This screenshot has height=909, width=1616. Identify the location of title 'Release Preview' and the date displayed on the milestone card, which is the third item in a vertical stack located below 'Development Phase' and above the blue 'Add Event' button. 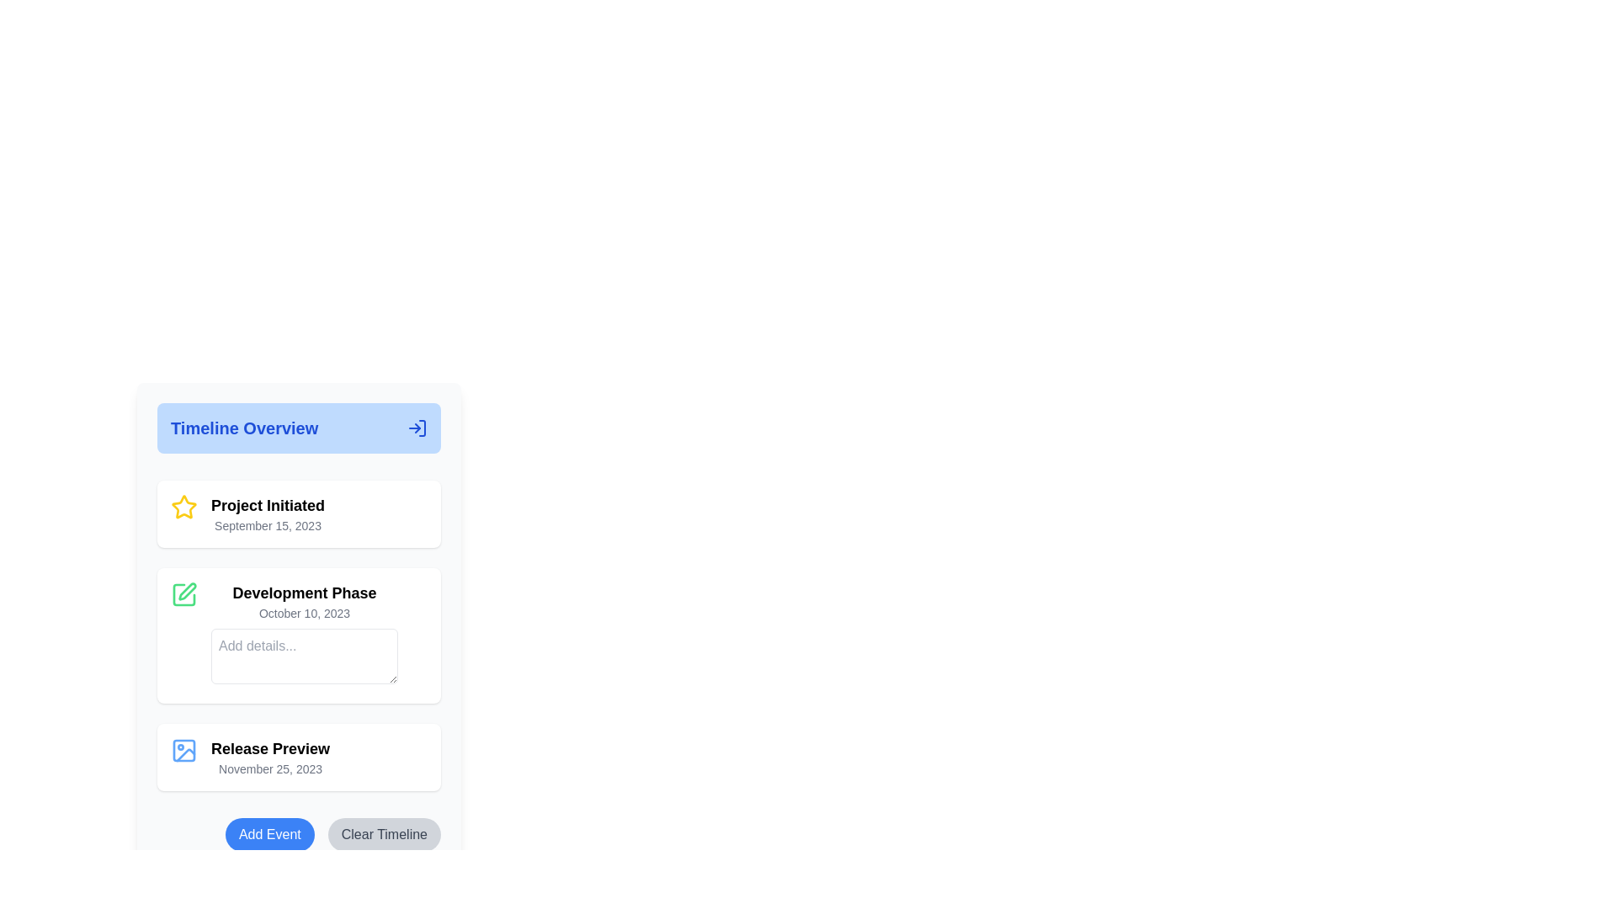
(299, 756).